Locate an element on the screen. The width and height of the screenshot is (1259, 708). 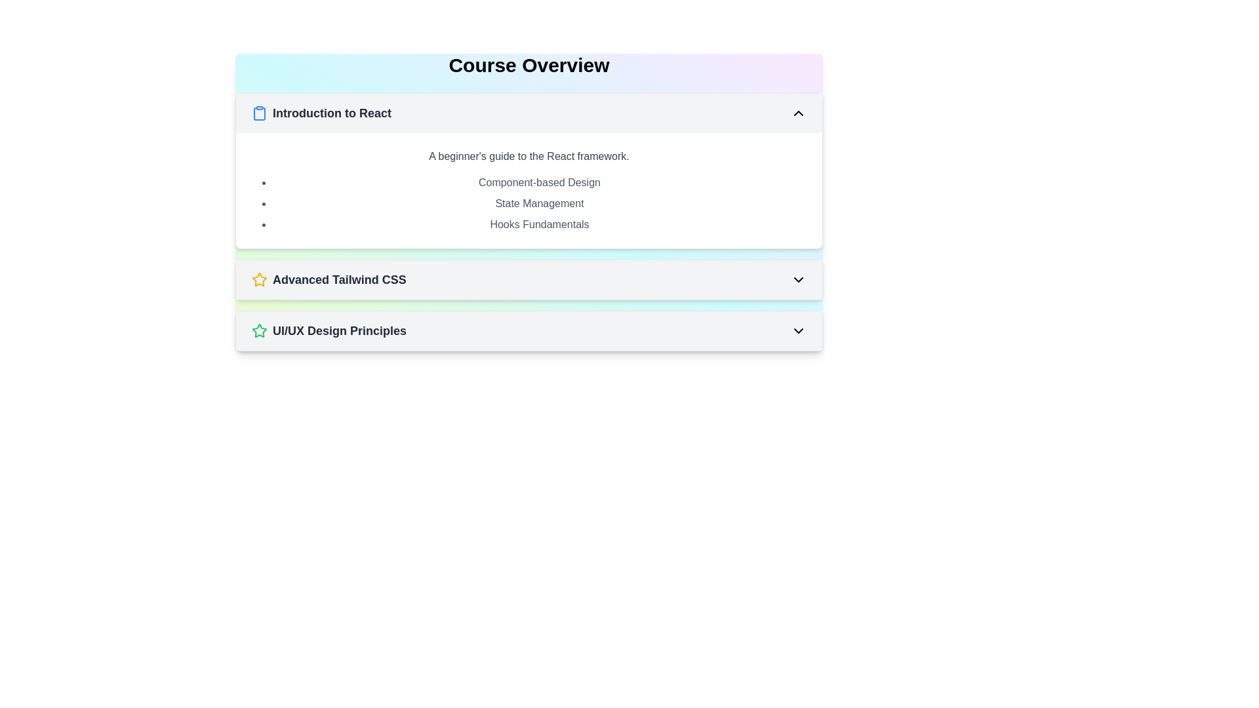
the static text element that reads 'A beginner's guide to the React framework.' which is styled in gray font and positioned within a white background, located below the 'Introduction to React' title is located at coordinates (529, 156).